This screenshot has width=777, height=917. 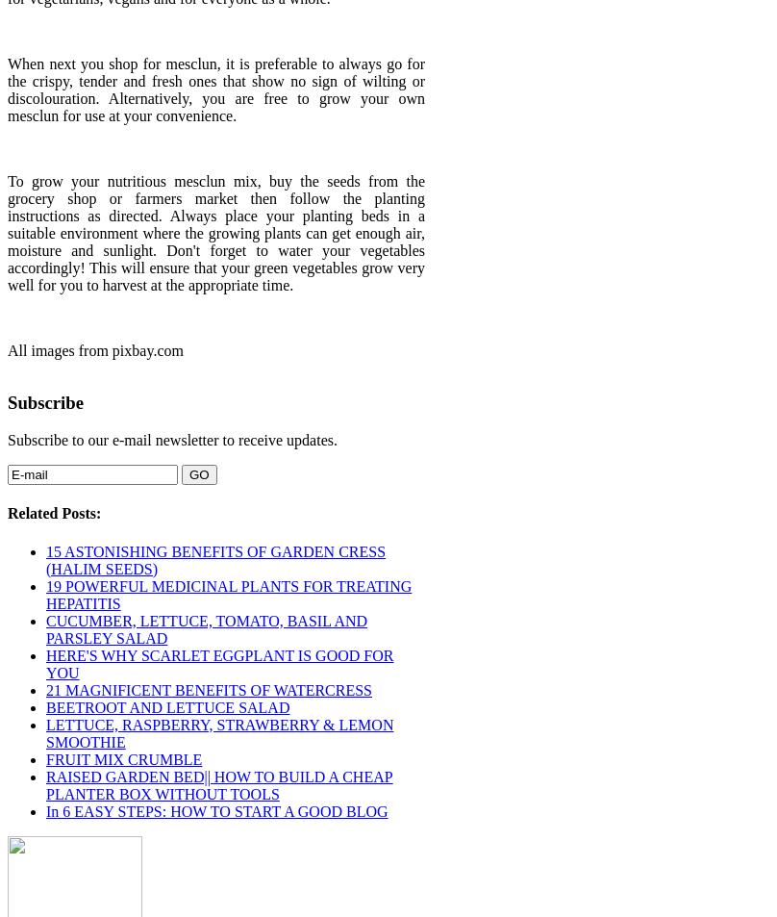 What do you see at coordinates (45, 401) in the screenshot?
I see `'Subscribe'` at bounding box center [45, 401].